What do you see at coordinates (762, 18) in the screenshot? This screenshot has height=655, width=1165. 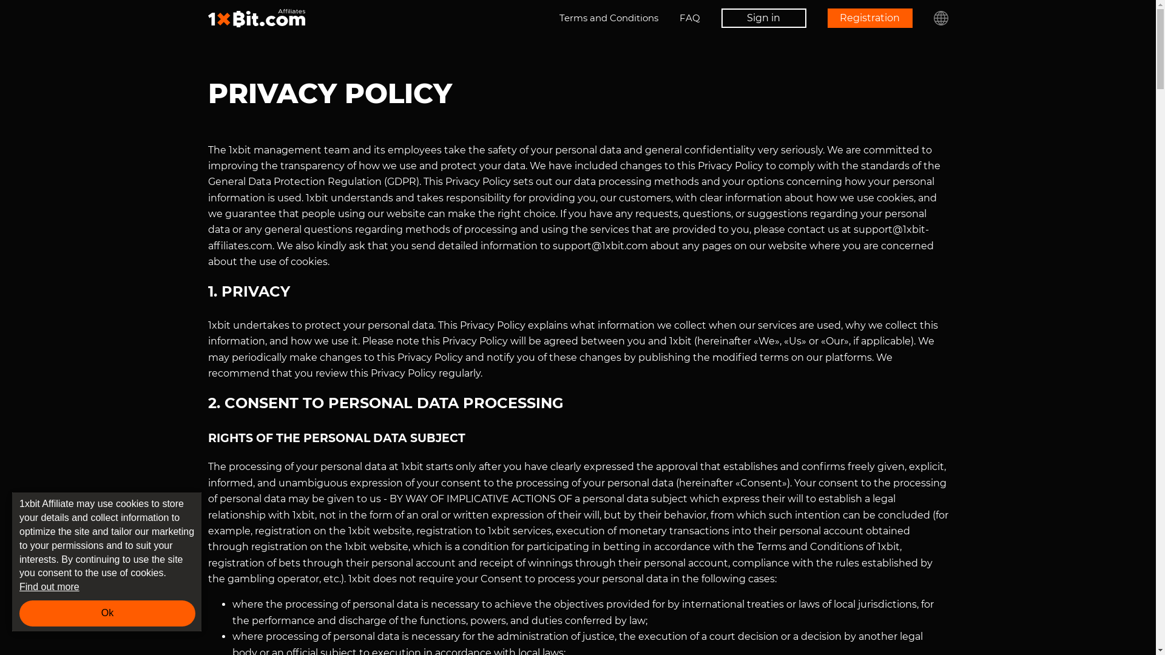 I see `'Sign in'` at bounding box center [762, 18].